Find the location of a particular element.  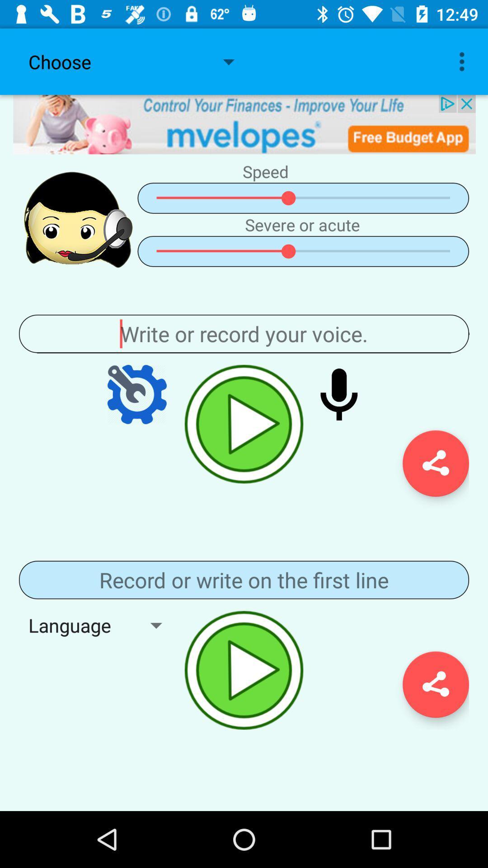

share button is located at coordinates (435, 684).